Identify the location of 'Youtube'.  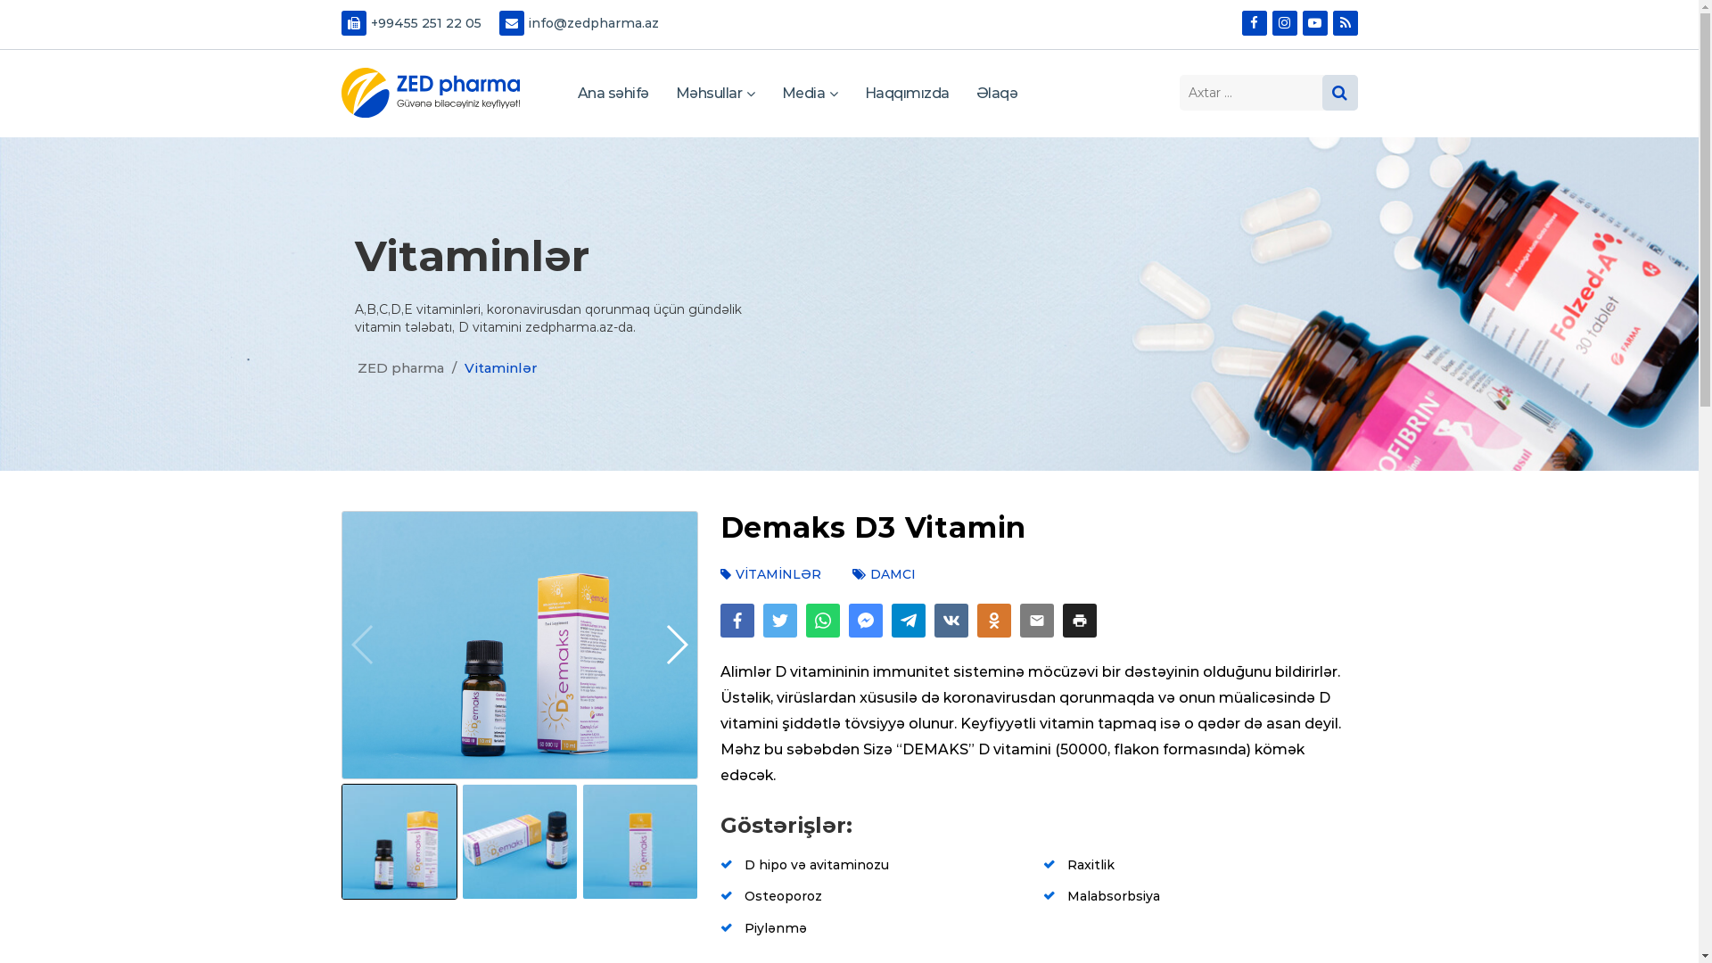
(1301, 23).